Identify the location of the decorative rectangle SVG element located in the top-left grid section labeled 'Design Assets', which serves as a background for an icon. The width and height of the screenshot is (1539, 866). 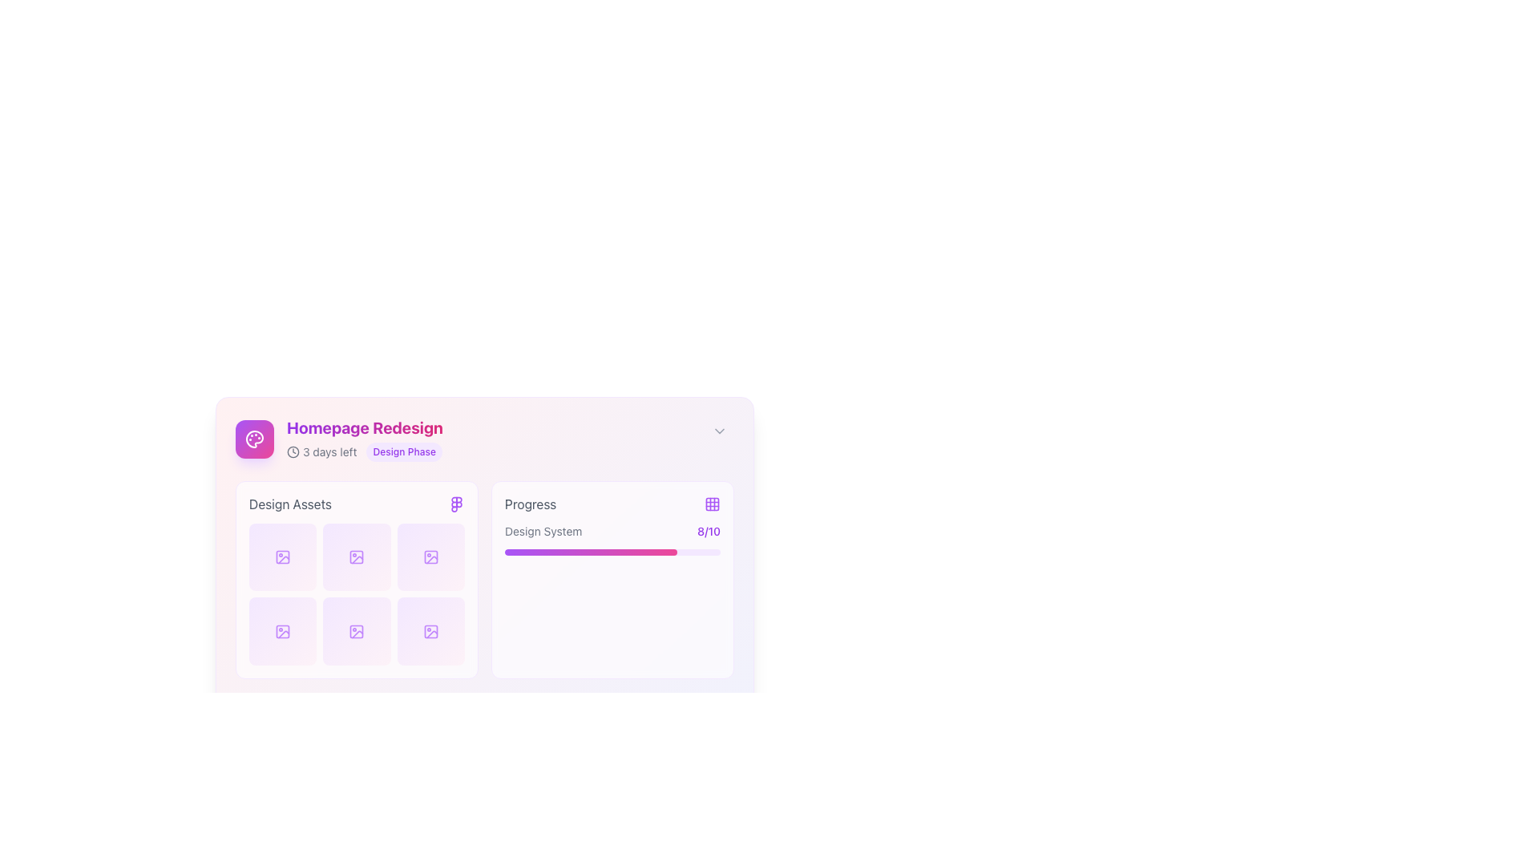
(283, 556).